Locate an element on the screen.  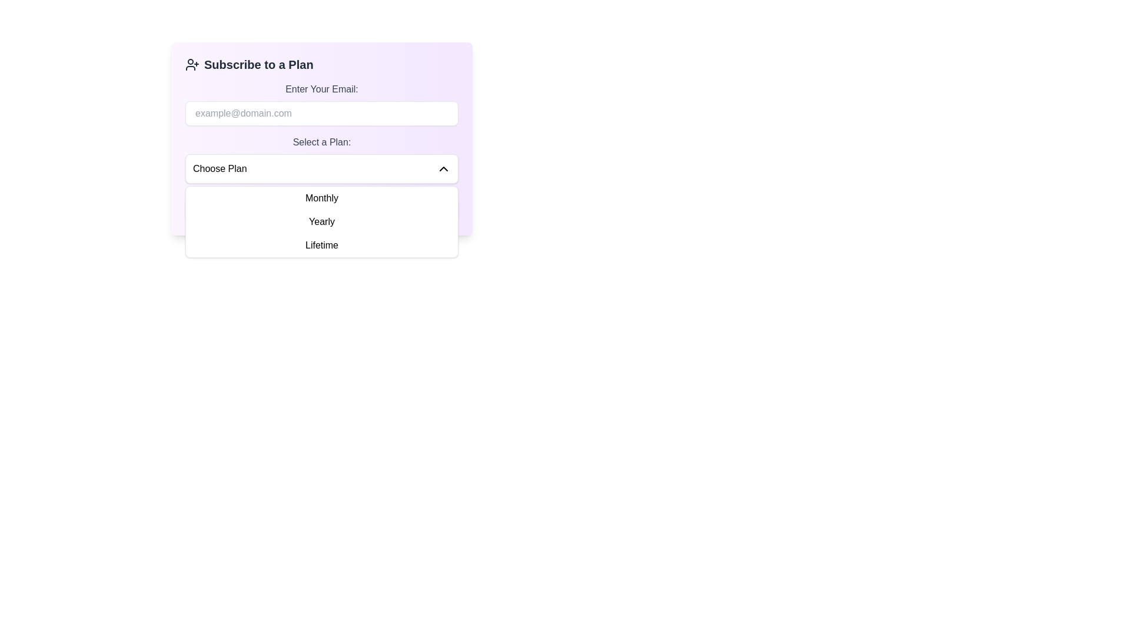
the dropdown menu labeled 'Monthly', 'Yearly', and 'Lifetime' located below the 'Choose Plan' button in the 'Subscribe to a Plan' section is located at coordinates (322, 222).